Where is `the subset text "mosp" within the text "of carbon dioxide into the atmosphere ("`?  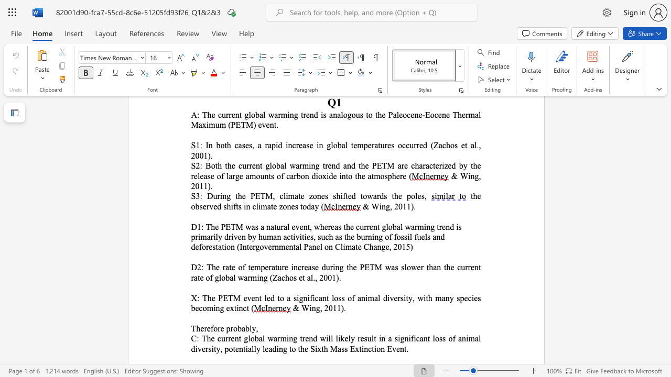 the subset text "mosp" within the text "of carbon dioxide into the atmosphere (" is located at coordinates (374, 175).